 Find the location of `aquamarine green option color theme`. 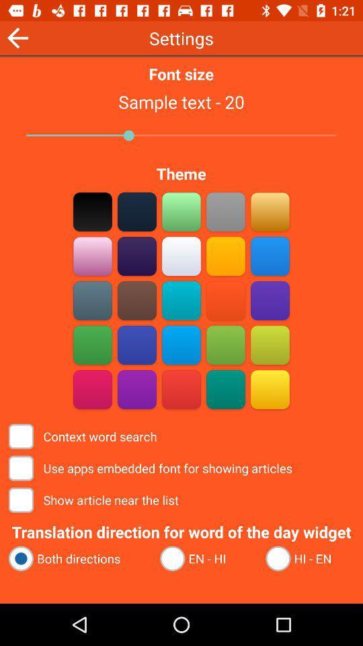

aquamarine green option color theme is located at coordinates (182, 211).